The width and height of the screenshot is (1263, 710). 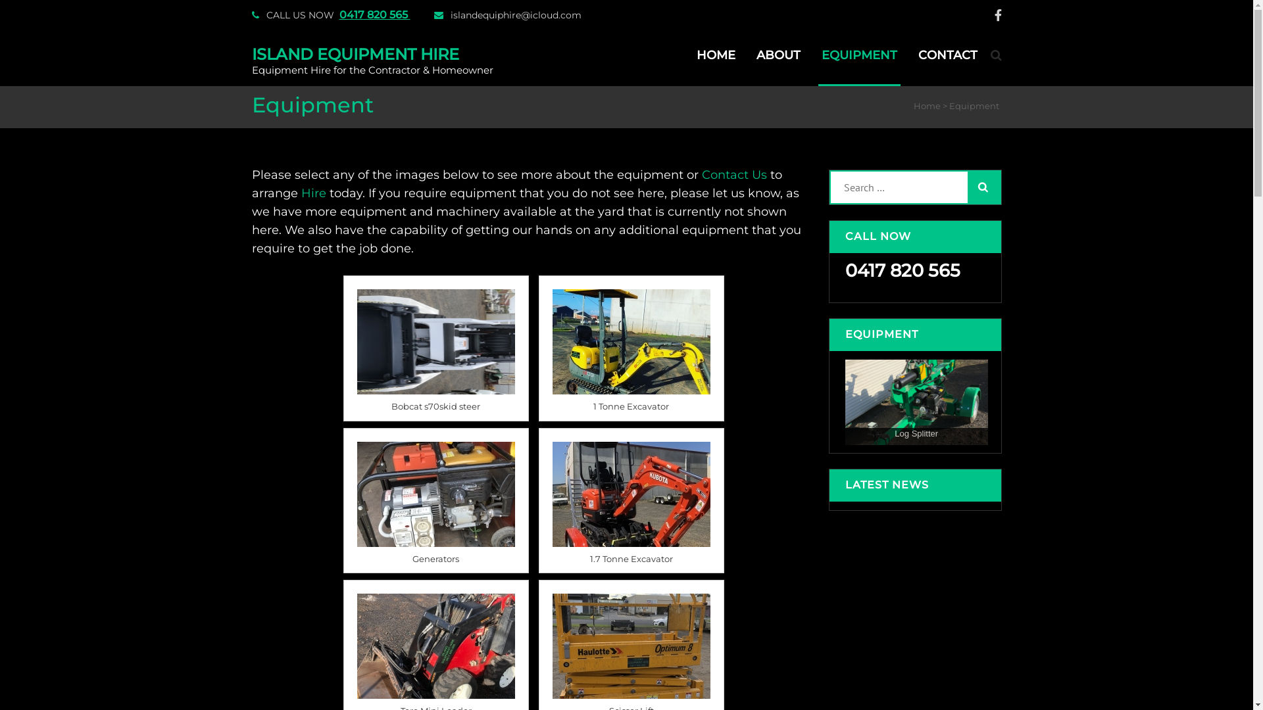 I want to click on '1 tonne excavator', so click(x=553, y=341).